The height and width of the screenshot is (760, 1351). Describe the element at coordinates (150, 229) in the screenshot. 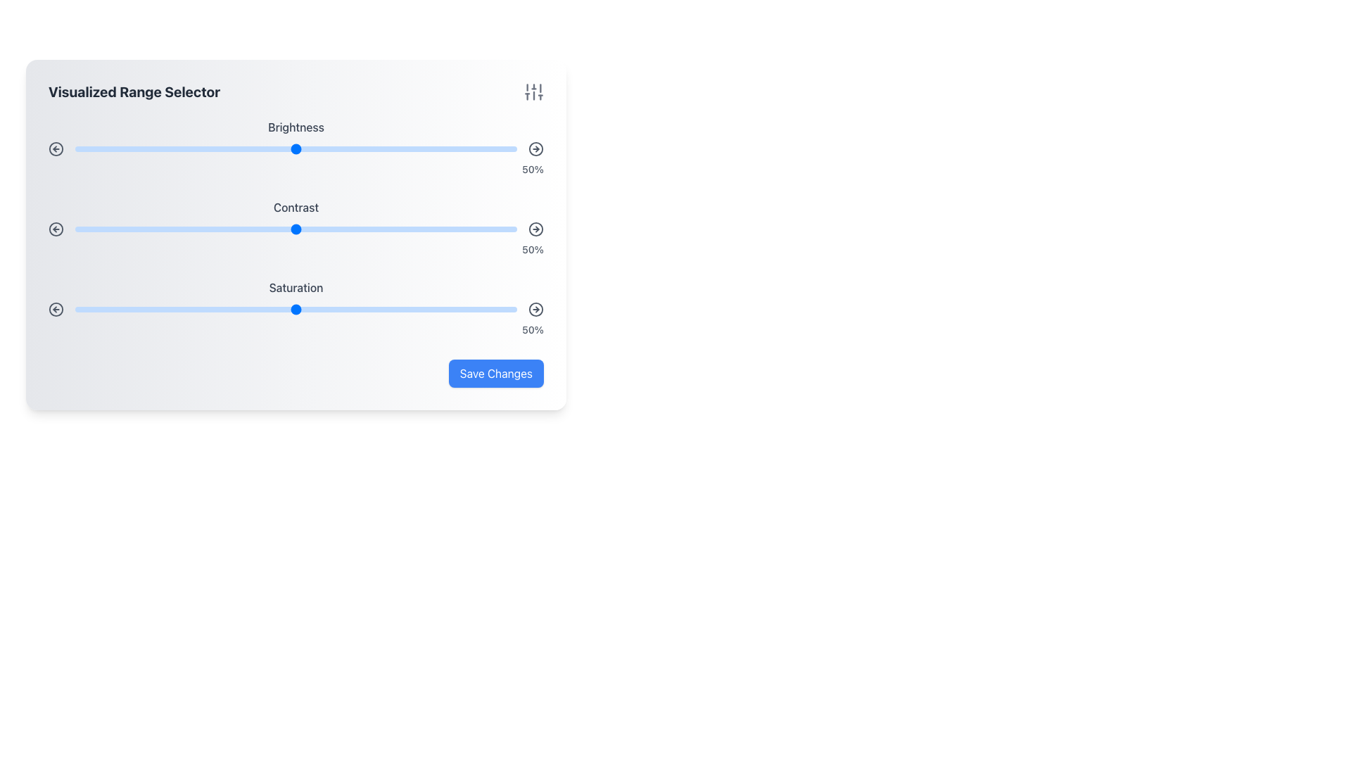

I see `contrast` at that location.